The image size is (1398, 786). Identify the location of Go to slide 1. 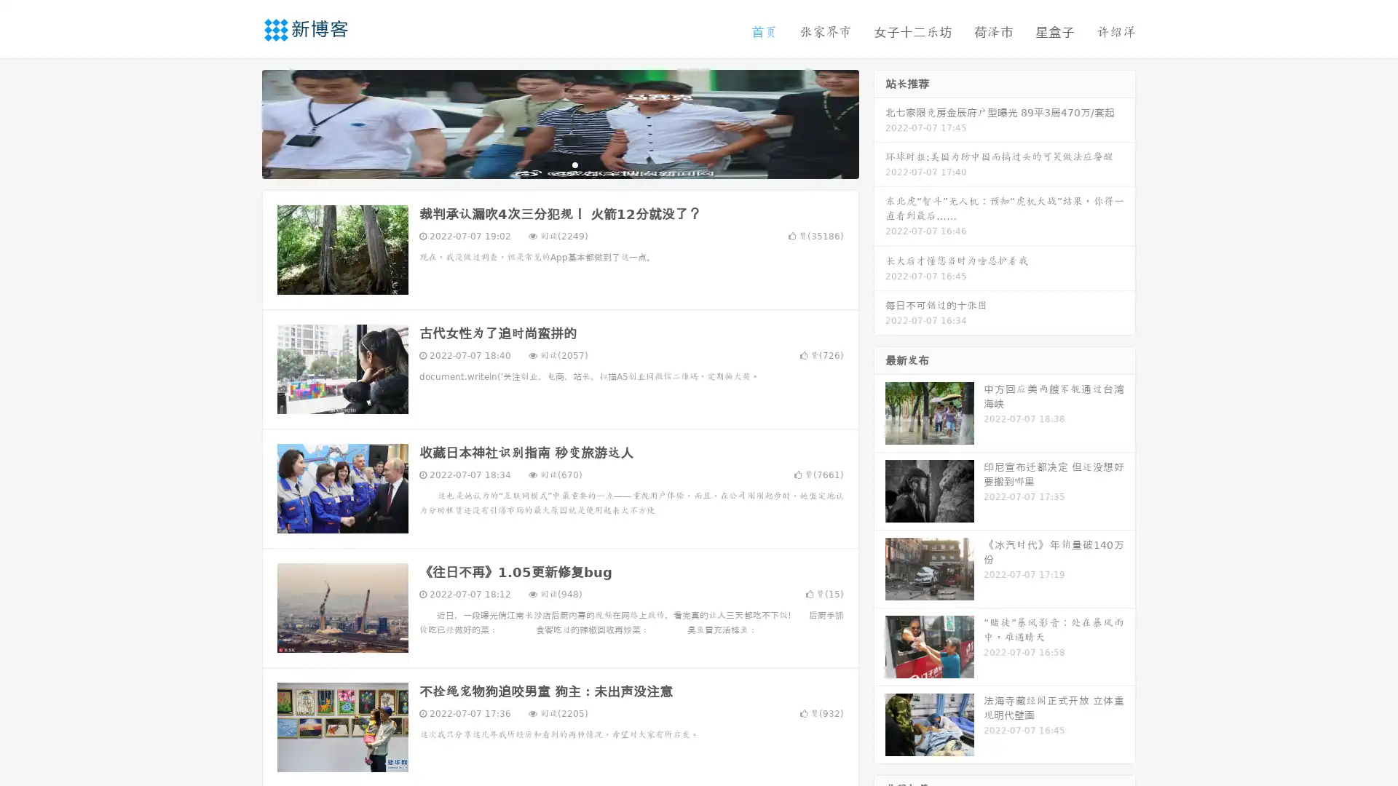
(545, 164).